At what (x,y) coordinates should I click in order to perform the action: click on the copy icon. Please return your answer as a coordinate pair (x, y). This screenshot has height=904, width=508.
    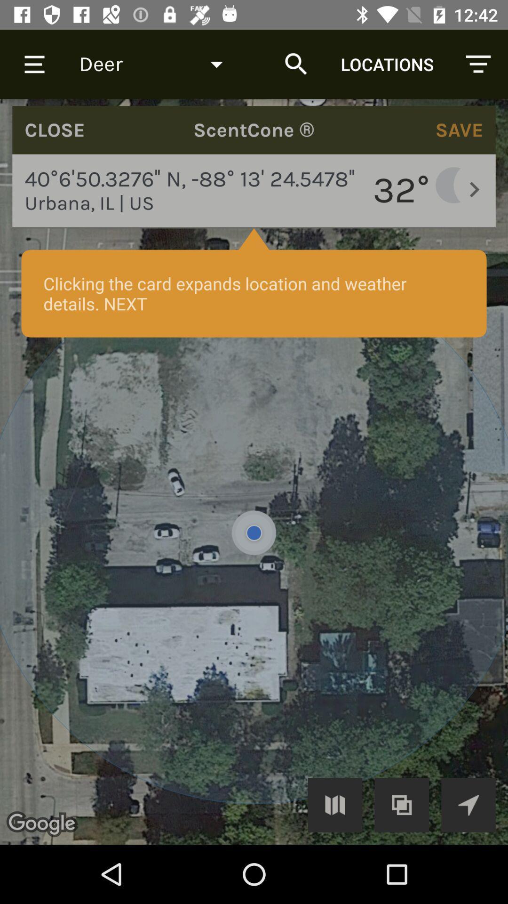
    Looking at the image, I should click on (402, 804).